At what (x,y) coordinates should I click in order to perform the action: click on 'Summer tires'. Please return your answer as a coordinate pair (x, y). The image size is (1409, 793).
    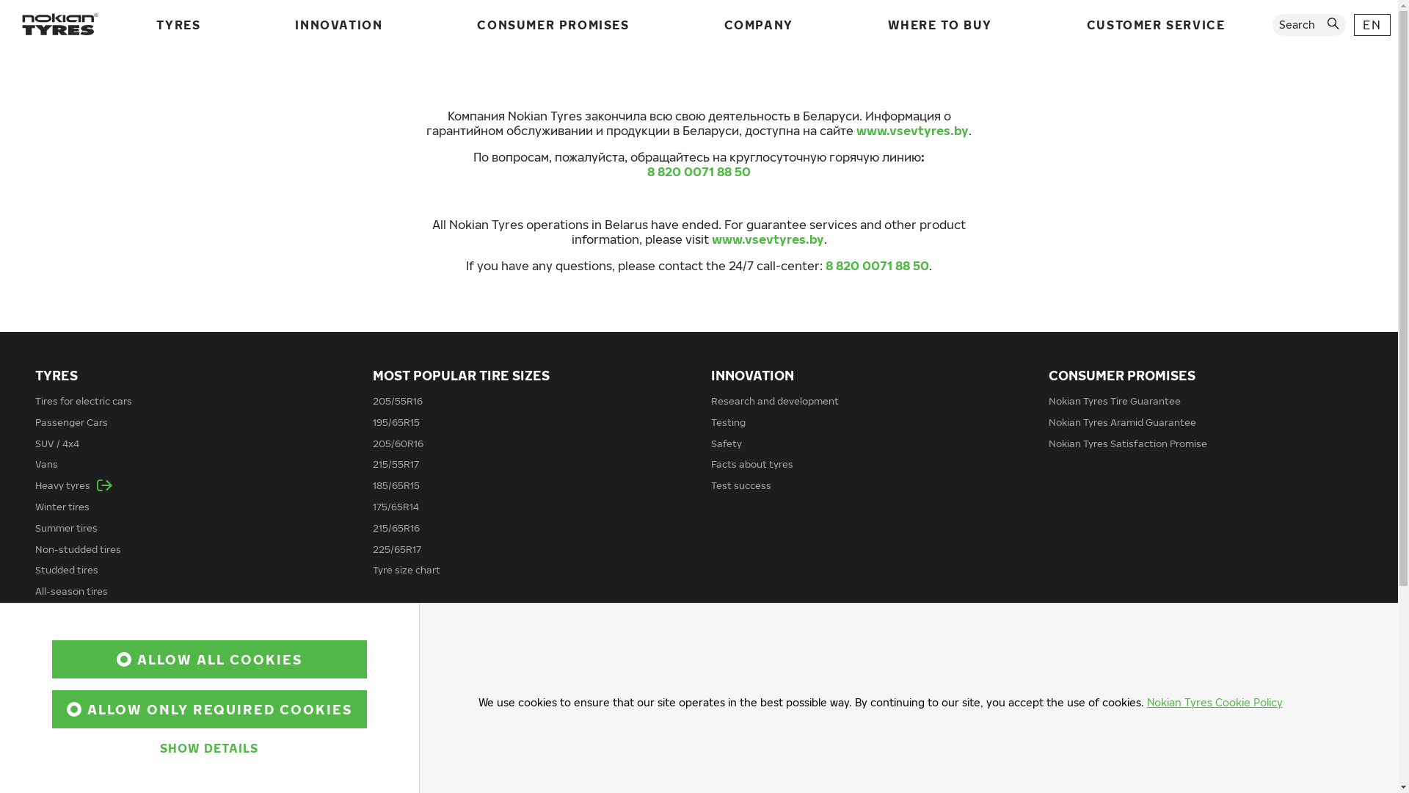
    Looking at the image, I should click on (65, 526).